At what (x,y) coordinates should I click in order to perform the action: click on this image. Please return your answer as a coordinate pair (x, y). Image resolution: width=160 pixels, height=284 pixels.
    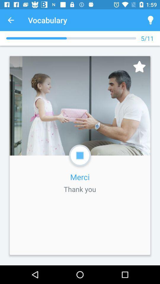
    Looking at the image, I should click on (139, 67).